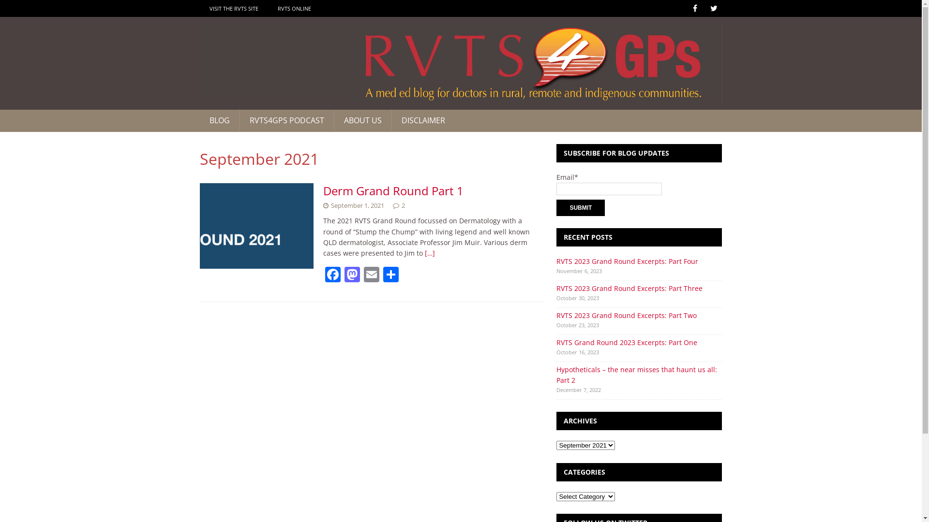  I want to click on '2', so click(403, 204).